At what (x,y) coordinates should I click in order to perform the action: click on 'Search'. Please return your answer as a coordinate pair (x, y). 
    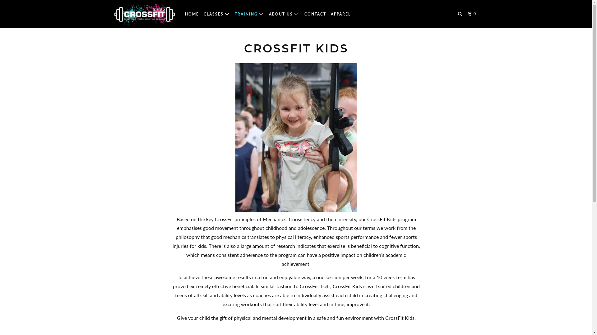
    Looking at the image, I should click on (456, 14).